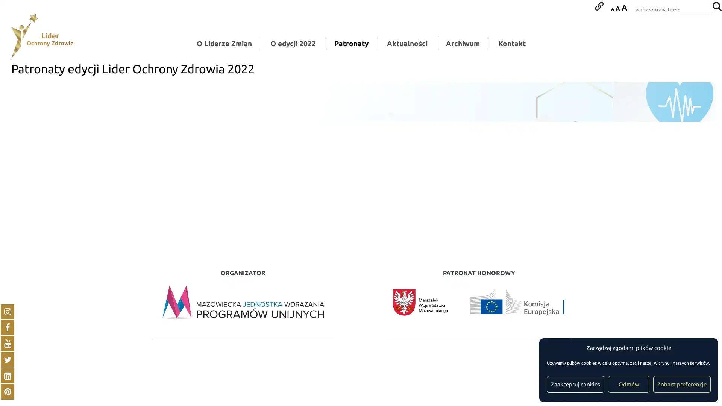 The width and height of the screenshot is (722, 406). What do you see at coordinates (682, 384) in the screenshot?
I see `Zobacz preferencje` at bounding box center [682, 384].